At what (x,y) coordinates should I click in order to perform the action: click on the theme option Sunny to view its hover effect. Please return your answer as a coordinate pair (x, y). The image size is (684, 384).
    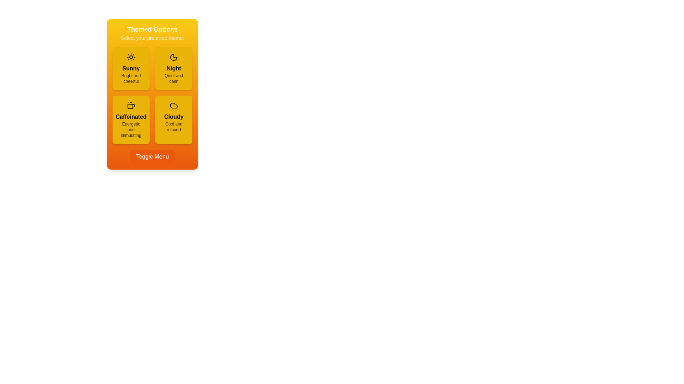
    Looking at the image, I should click on (131, 68).